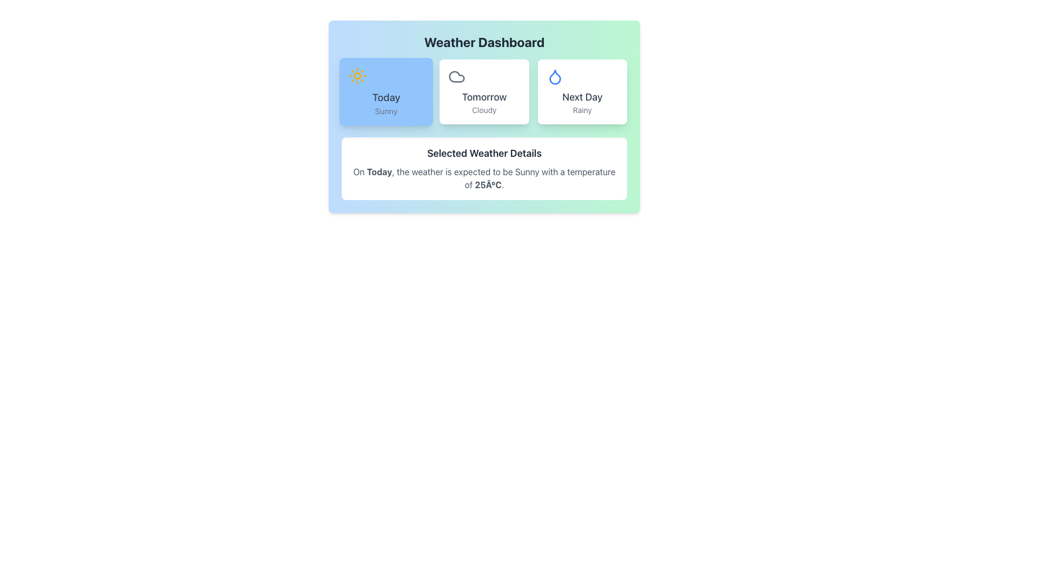  Describe the element at coordinates (457, 76) in the screenshot. I see `the gray cloud icon located in the second card of the 'Weather Dashboard' labeled 'Tomorrow', which serves as a visual indicator for the weather forecast` at that location.